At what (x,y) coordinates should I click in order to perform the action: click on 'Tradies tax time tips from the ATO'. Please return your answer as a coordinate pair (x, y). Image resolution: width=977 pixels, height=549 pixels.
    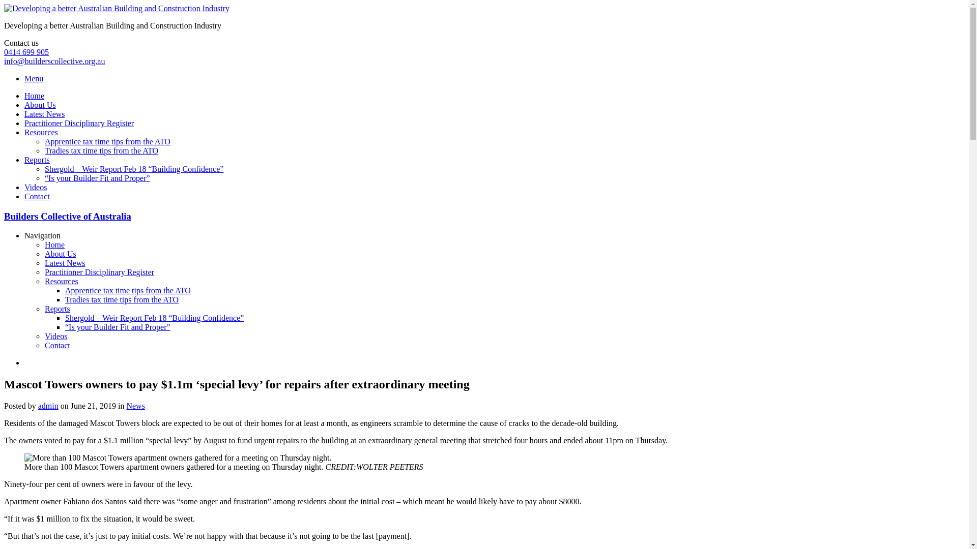
    Looking at the image, I should click on (101, 150).